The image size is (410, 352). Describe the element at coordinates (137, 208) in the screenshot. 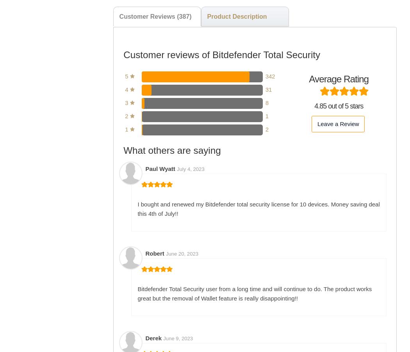

I see `'I bought and renewed my Bitdefender total security license for 10 devices. Money saving deal this 4th of July!!'` at that location.